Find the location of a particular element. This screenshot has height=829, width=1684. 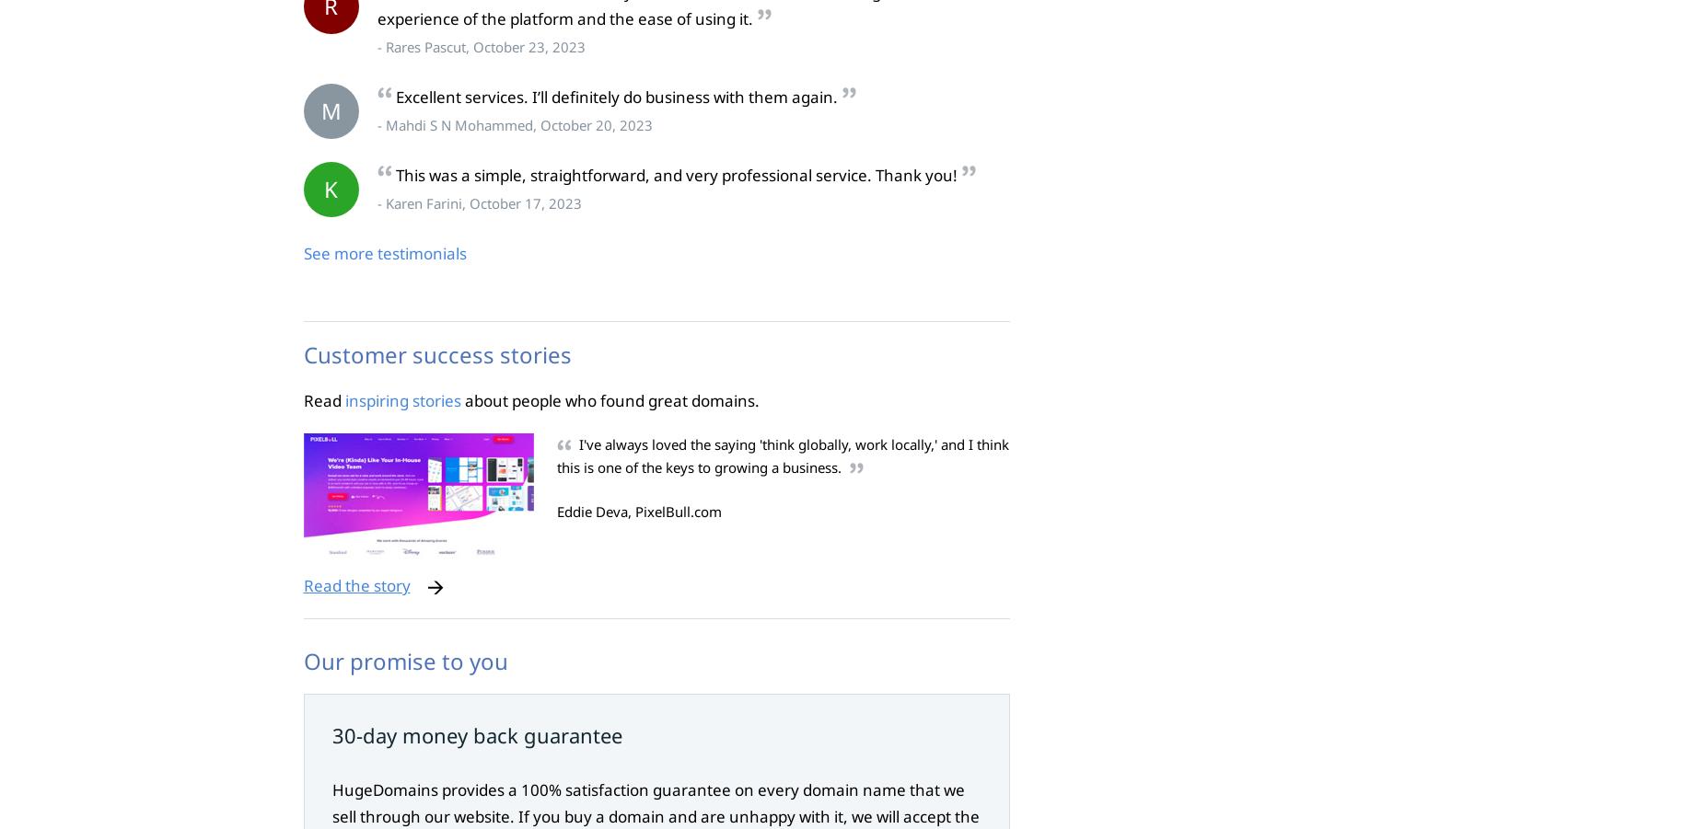

'Excellent services. I’ll definitely do business with them again.' is located at coordinates (394, 96).